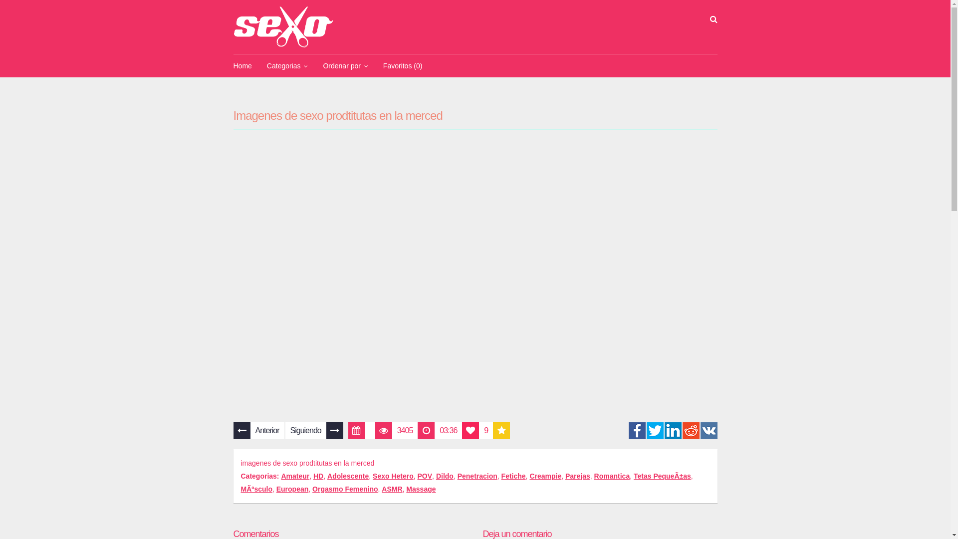  What do you see at coordinates (392, 475) in the screenshot?
I see `'Sexo Hetero'` at bounding box center [392, 475].